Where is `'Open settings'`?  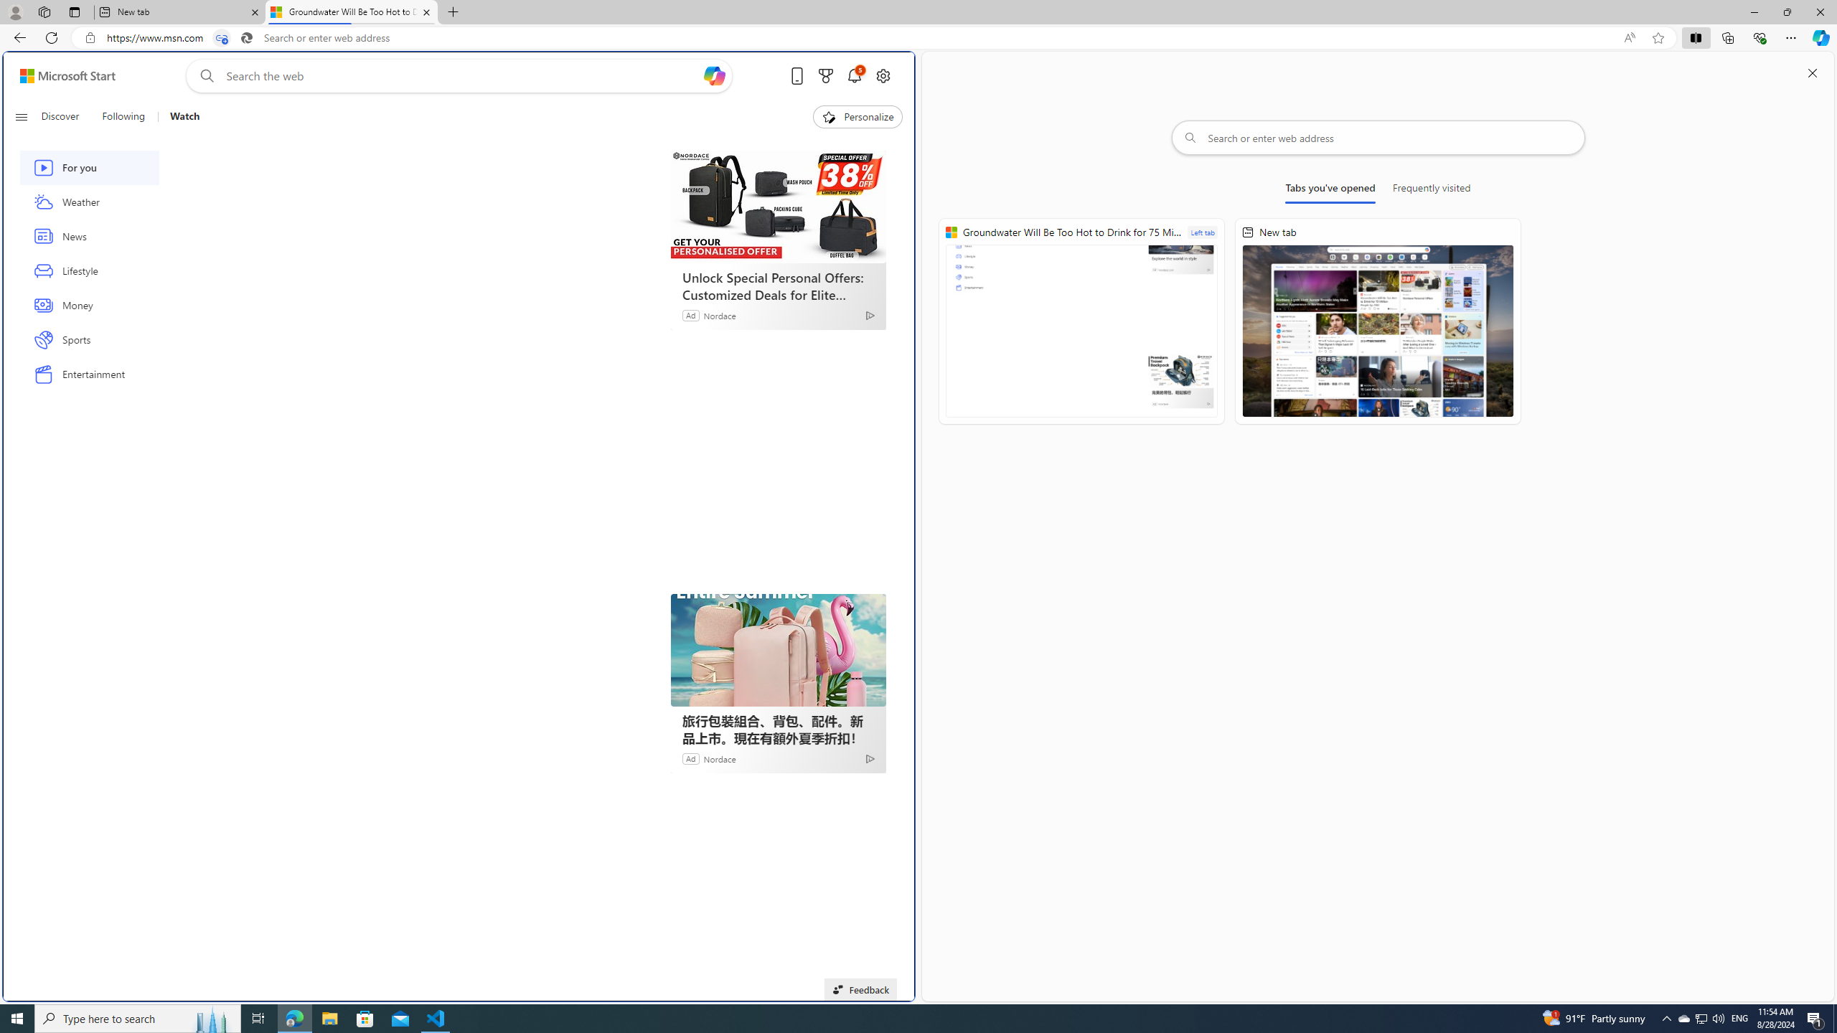 'Open settings' is located at coordinates (883, 76).